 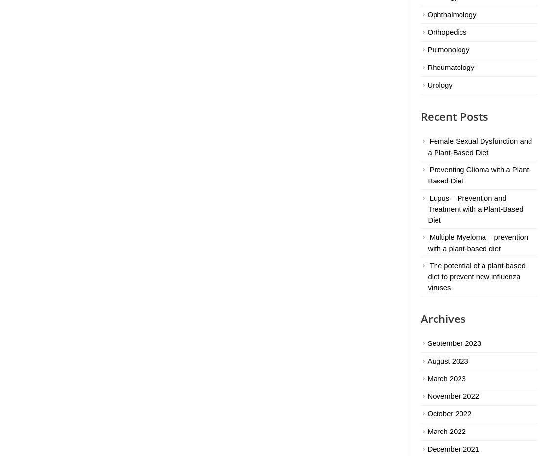 What do you see at coordinates (446, 32) in the screenshot?
I see `'Orthopedics'` at bounding box center [446, 32].